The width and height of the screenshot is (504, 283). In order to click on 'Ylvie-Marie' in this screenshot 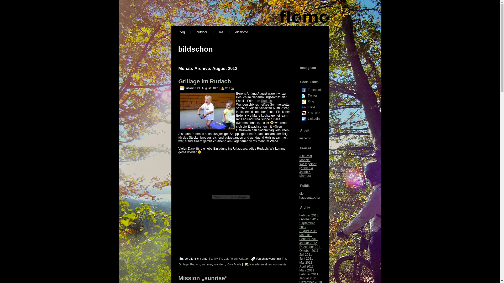, I will do `click(234, 264)`.